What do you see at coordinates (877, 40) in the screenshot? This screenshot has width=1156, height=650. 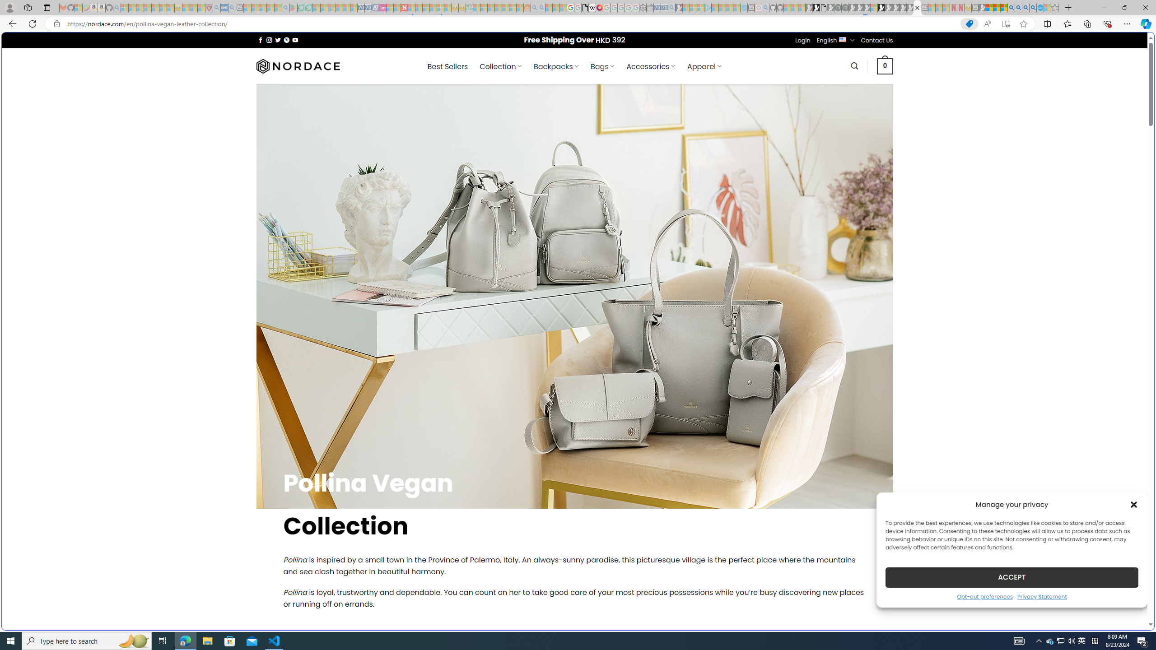 I see `'Contact Us'` at bounding box center [877, 40].